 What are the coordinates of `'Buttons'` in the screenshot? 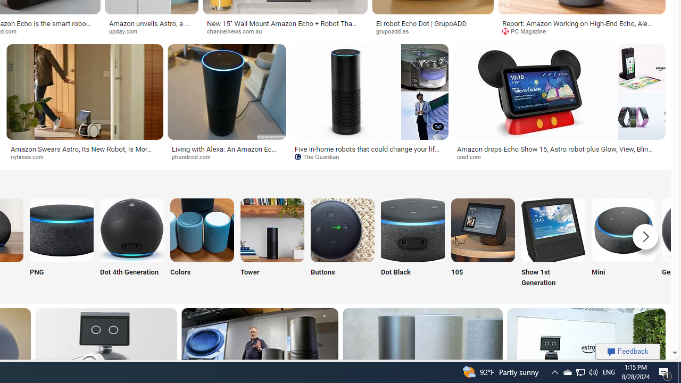 It's located at (342, 243).